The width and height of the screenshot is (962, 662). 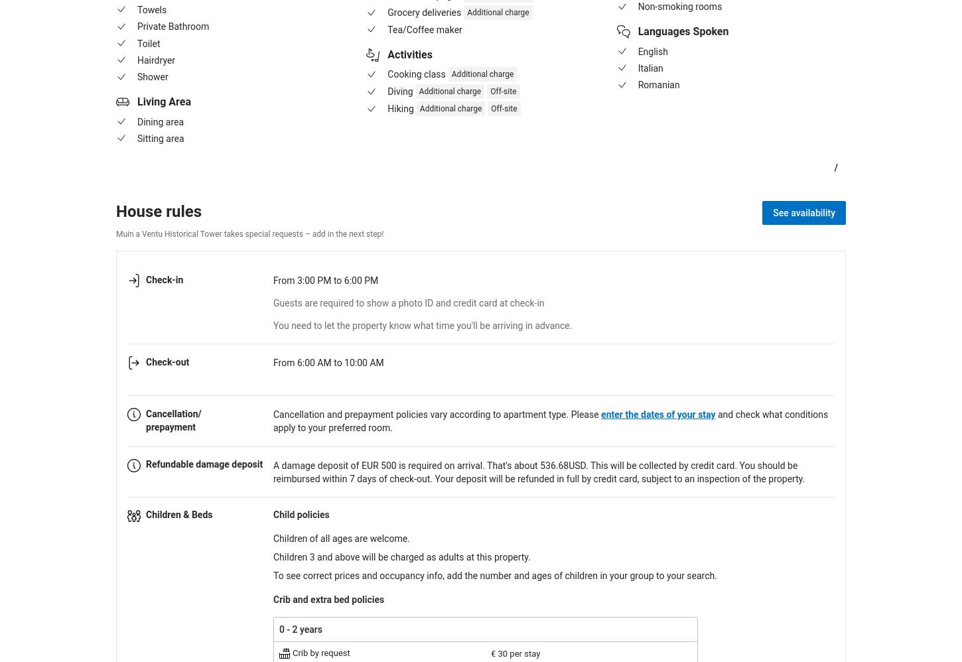 What do you see at coordinates (387, 54) in the screenshot?
I see `'Activities'` at bounding box center [387, 54].